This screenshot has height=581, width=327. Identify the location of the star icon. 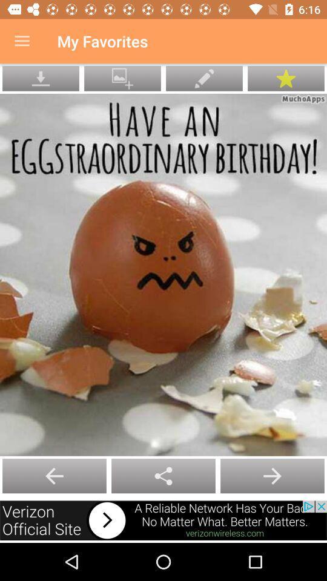
(286, 77).